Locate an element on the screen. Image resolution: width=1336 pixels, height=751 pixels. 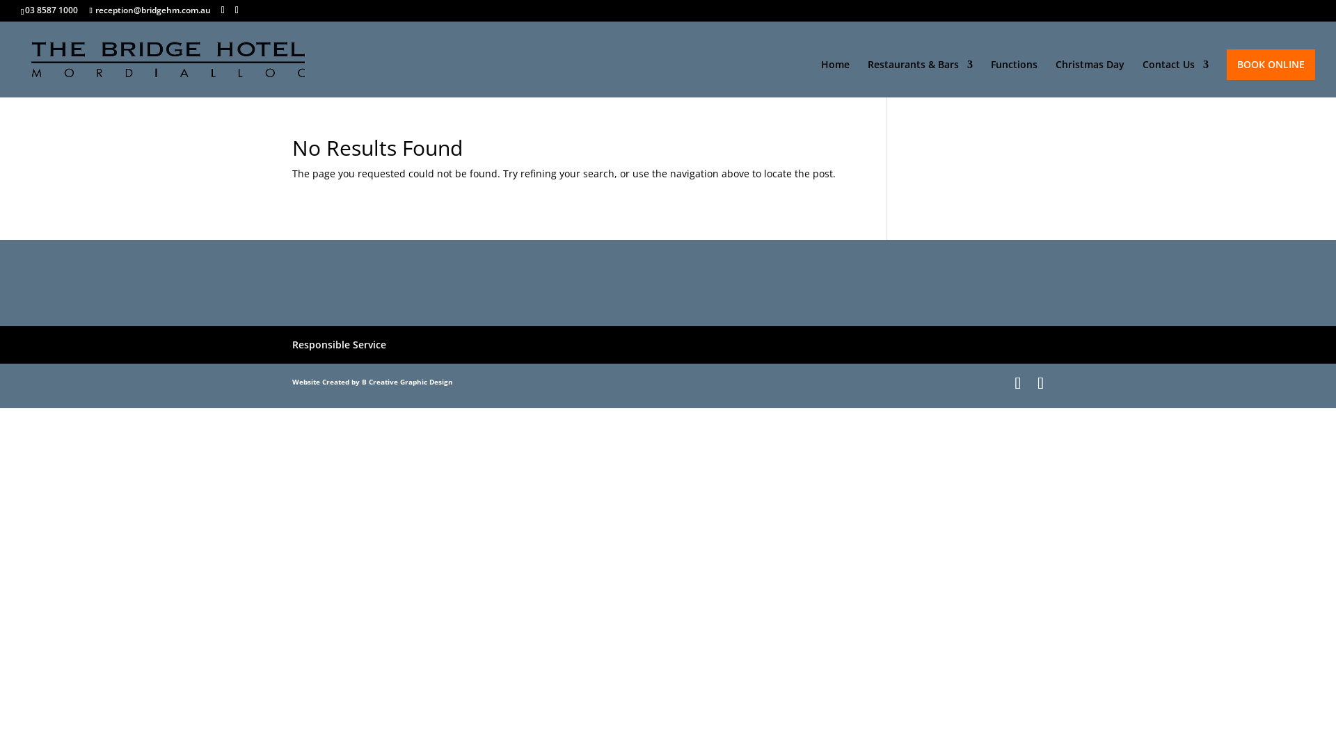
'Functions' is located at coordinates (1014, 78).